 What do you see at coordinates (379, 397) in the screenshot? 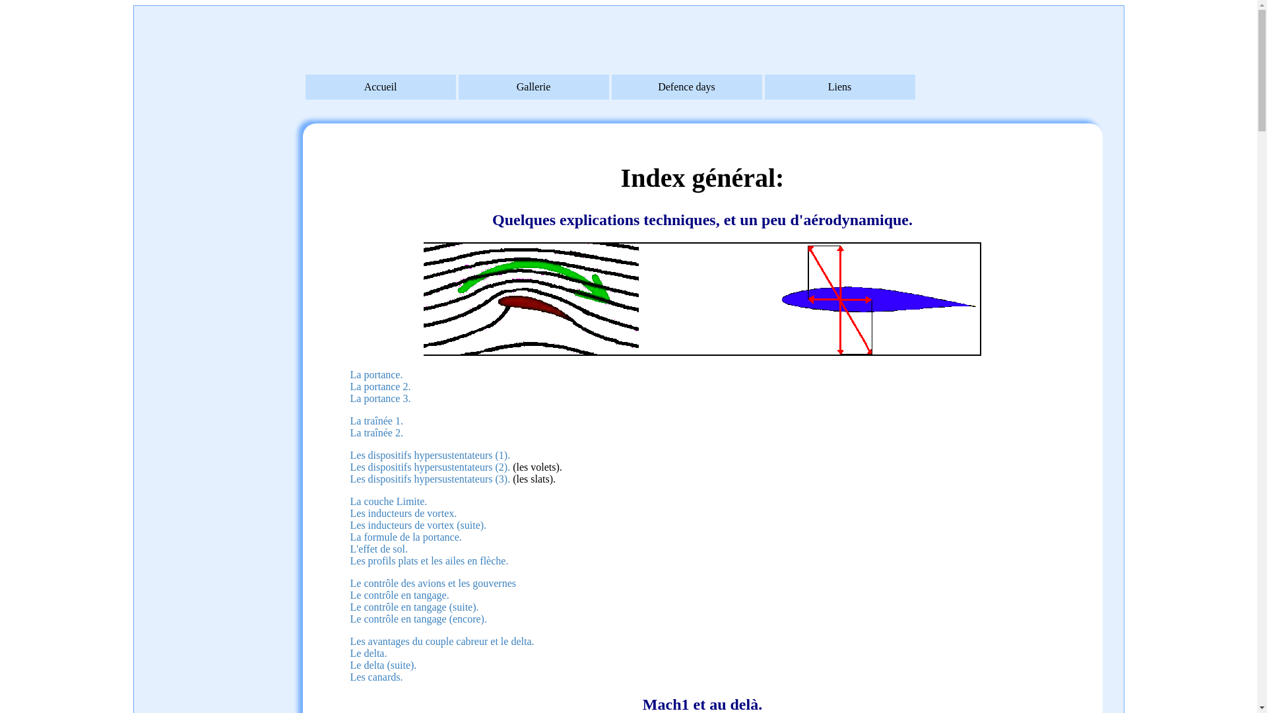
I see `'La portance 3.'` at bounding box center [379, 397].